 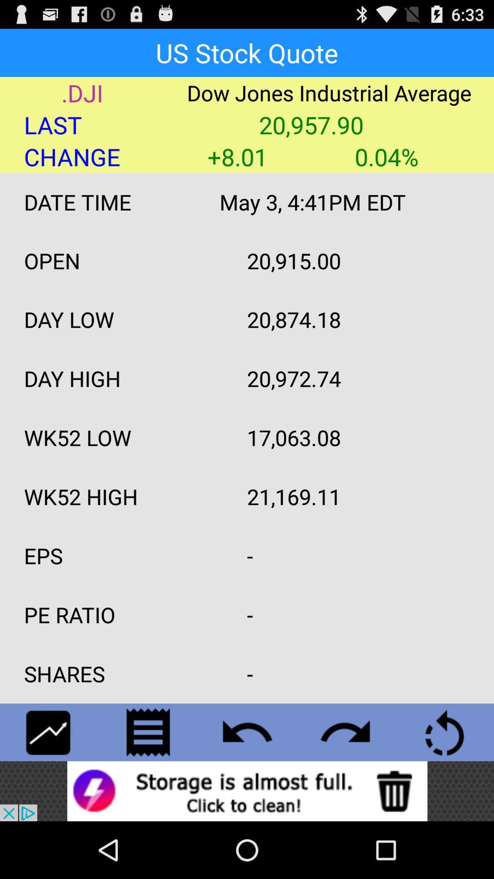 What do you see at coordinates (346, 732) in the screenshot?
I see `next` at bounding box center [346, 732].